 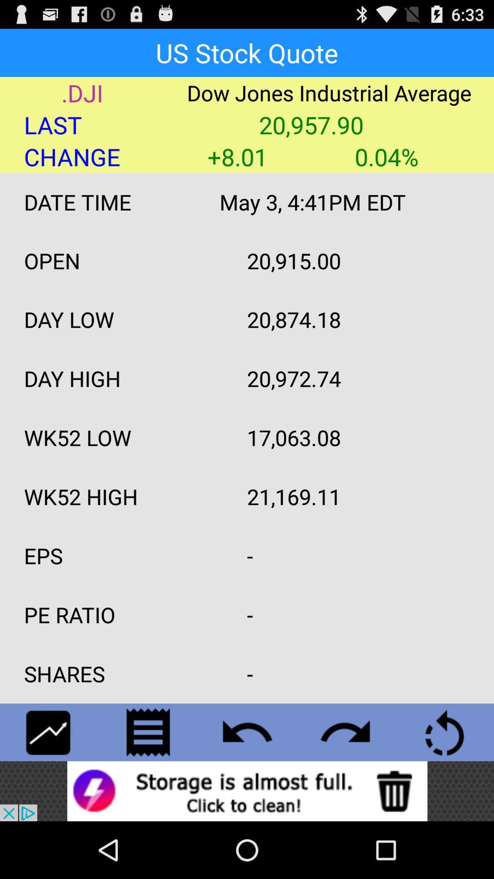 What do you see at coordinates (346, 732) in the screenshot?
I see `next` at bounding box center [346, 732].